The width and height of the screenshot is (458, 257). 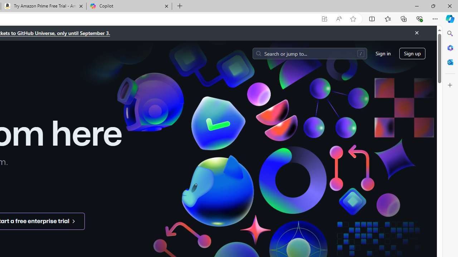 I want to click on 'Close Outlook pane', so click(x=450, y=62).